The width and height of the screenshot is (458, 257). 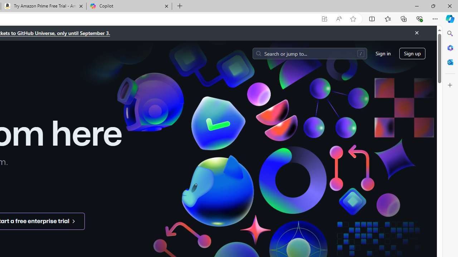 I want to click on 'Close Outlook pane', so click(x=450, y=62).